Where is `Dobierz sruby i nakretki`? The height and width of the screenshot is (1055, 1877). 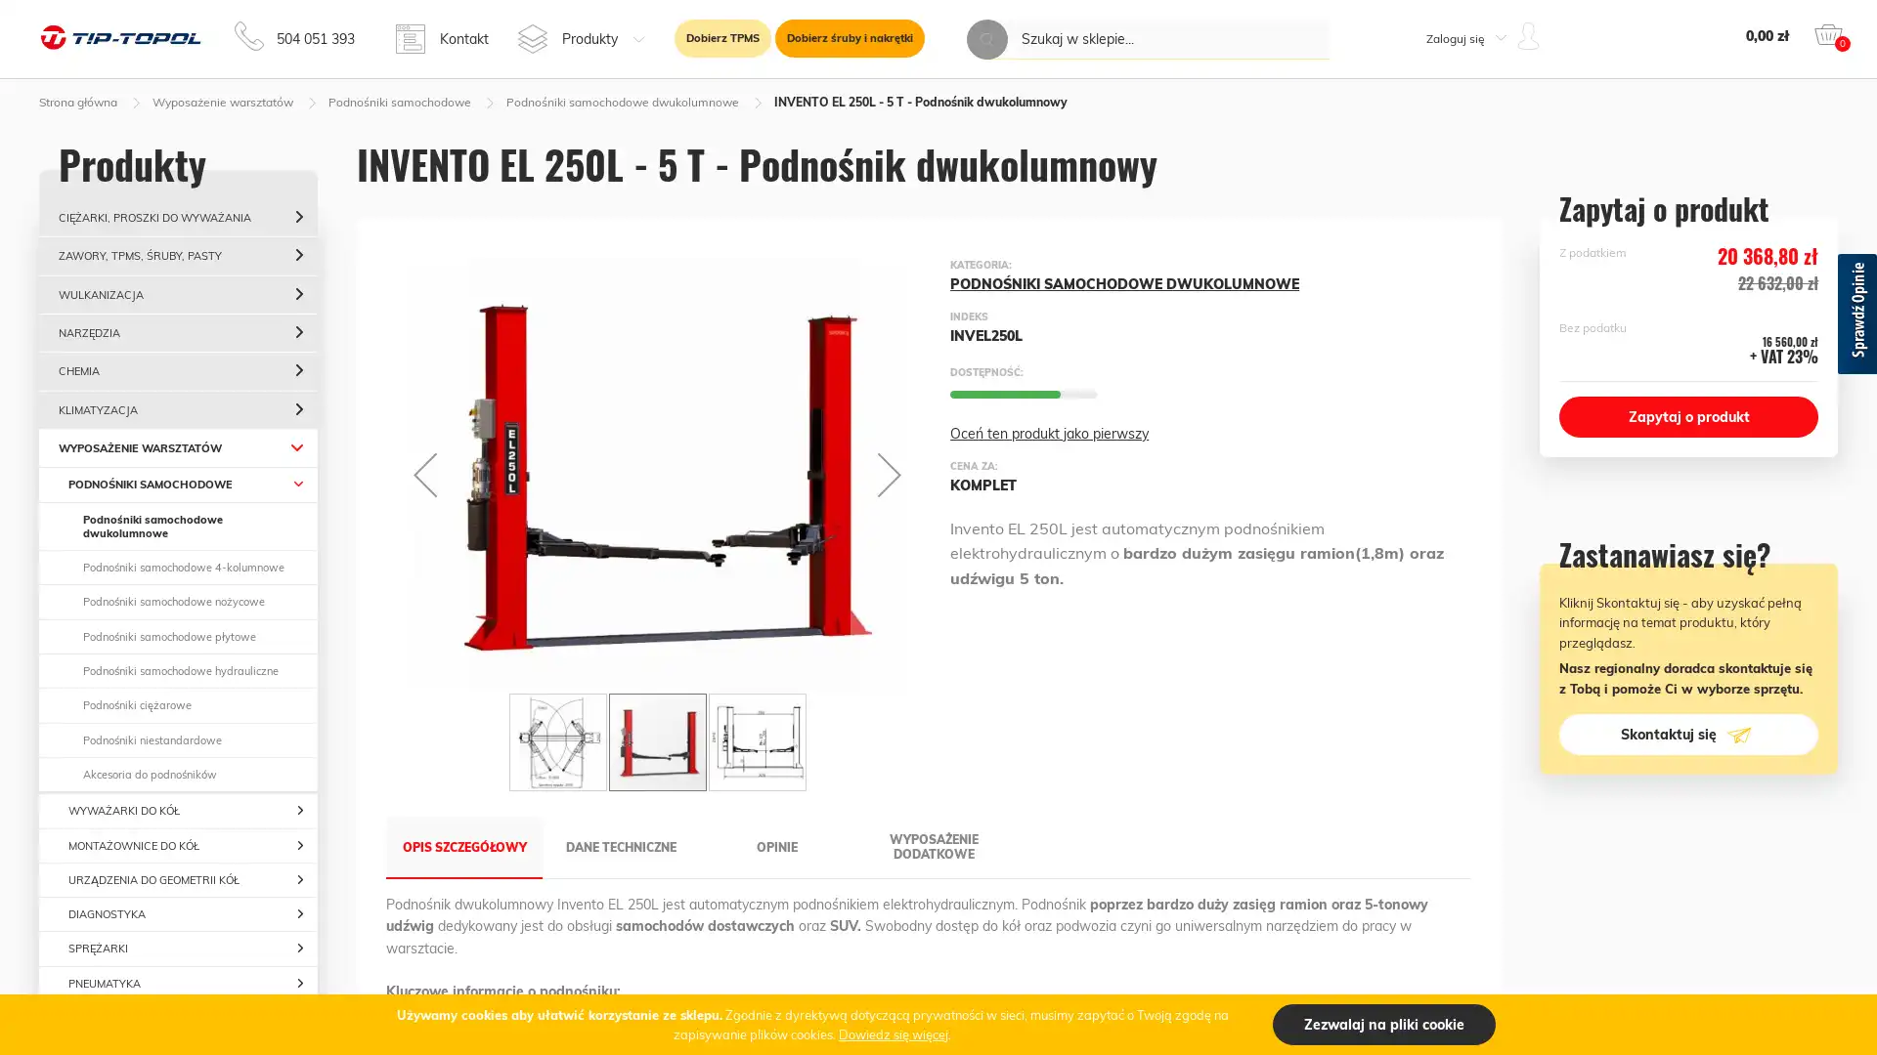
Dobierz sruby i nakretki is located at coordinates (850, 38).